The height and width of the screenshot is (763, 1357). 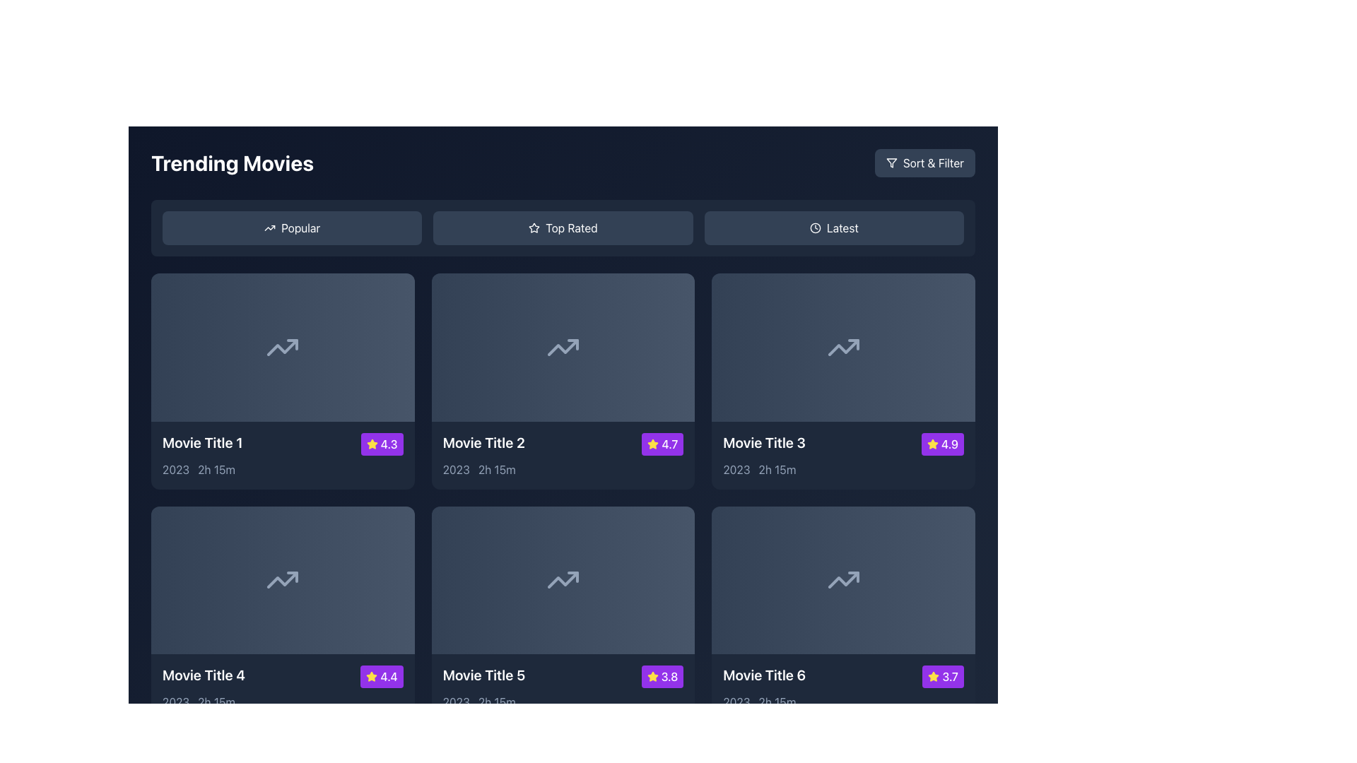 I want to click on text '2023' displayed in a small sans-serif font, styled with a light gray color, located at the bottom-left corner of the tile for 'Movie Title 4', so click(x=175, y=702).